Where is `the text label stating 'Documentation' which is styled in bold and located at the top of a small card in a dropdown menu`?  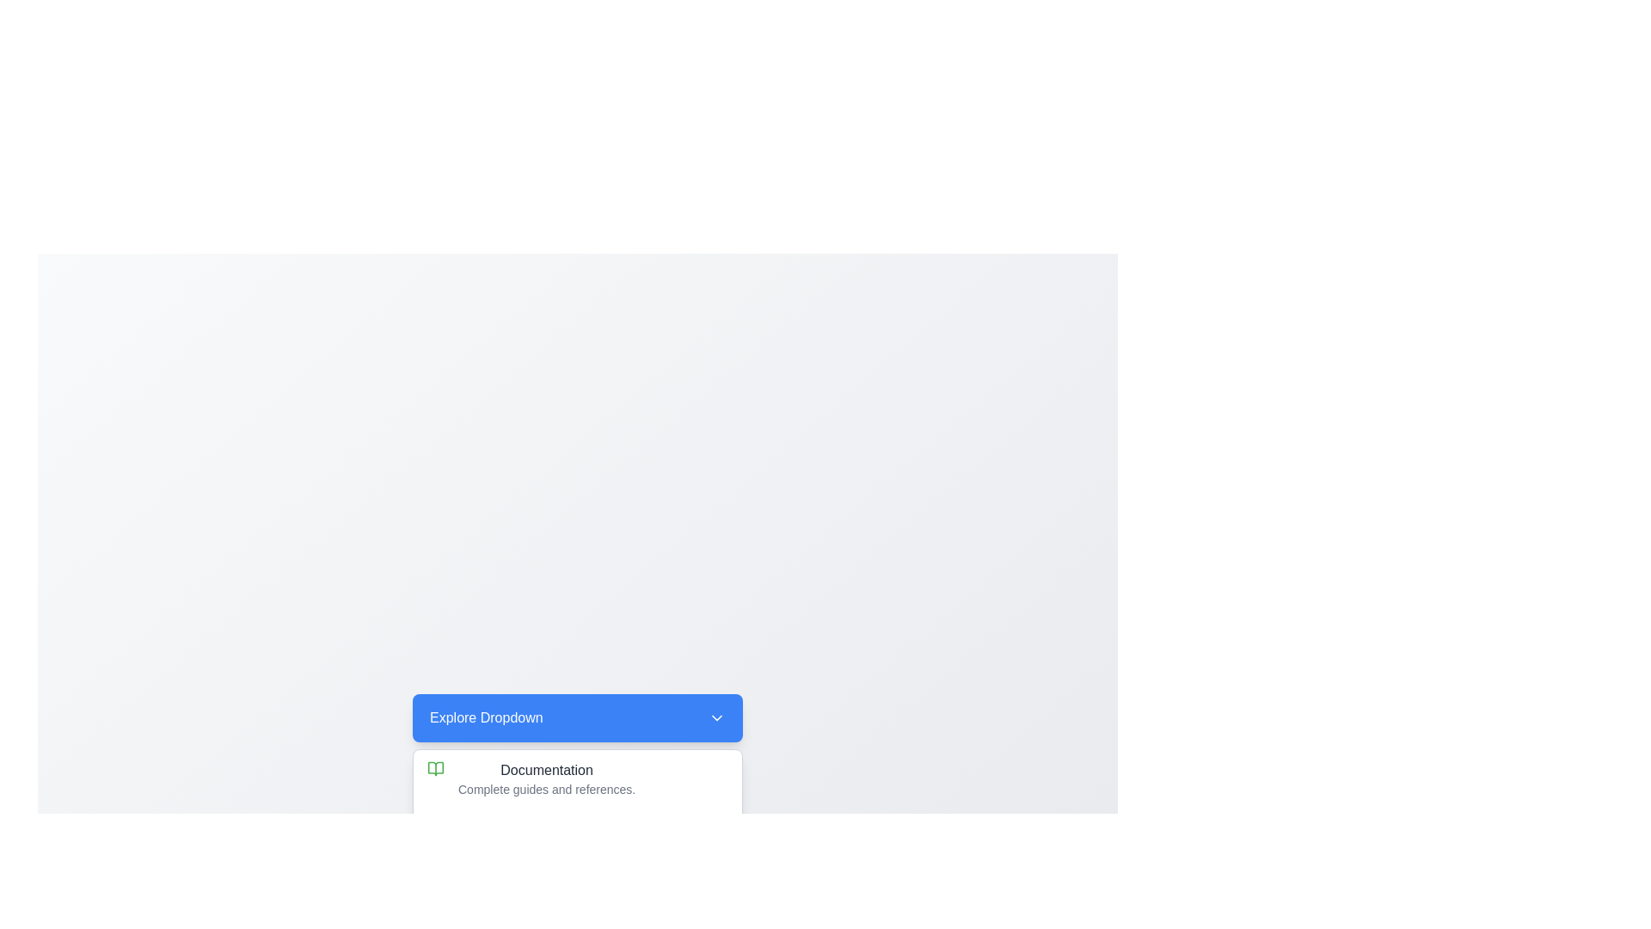 the text label stating 'Documentation' which is styled in bold and located at the top of a small card in a dropdown menu is located at coordinates (546, 769).